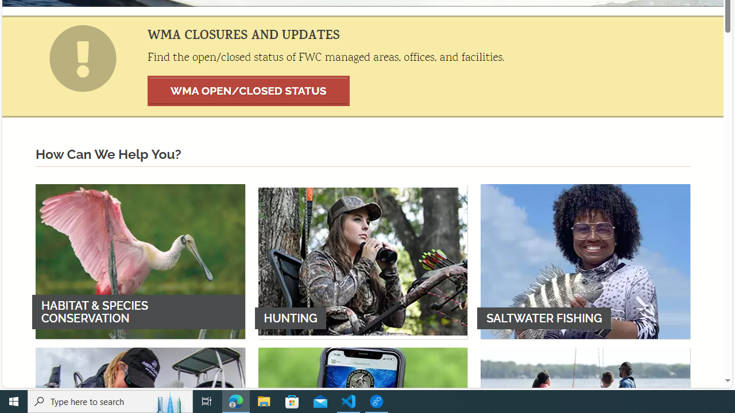  Describe the element at coordinates (248, 90) in the screenshot. I see `'WMA OPEN/CLOSED STATUS'` at that location.